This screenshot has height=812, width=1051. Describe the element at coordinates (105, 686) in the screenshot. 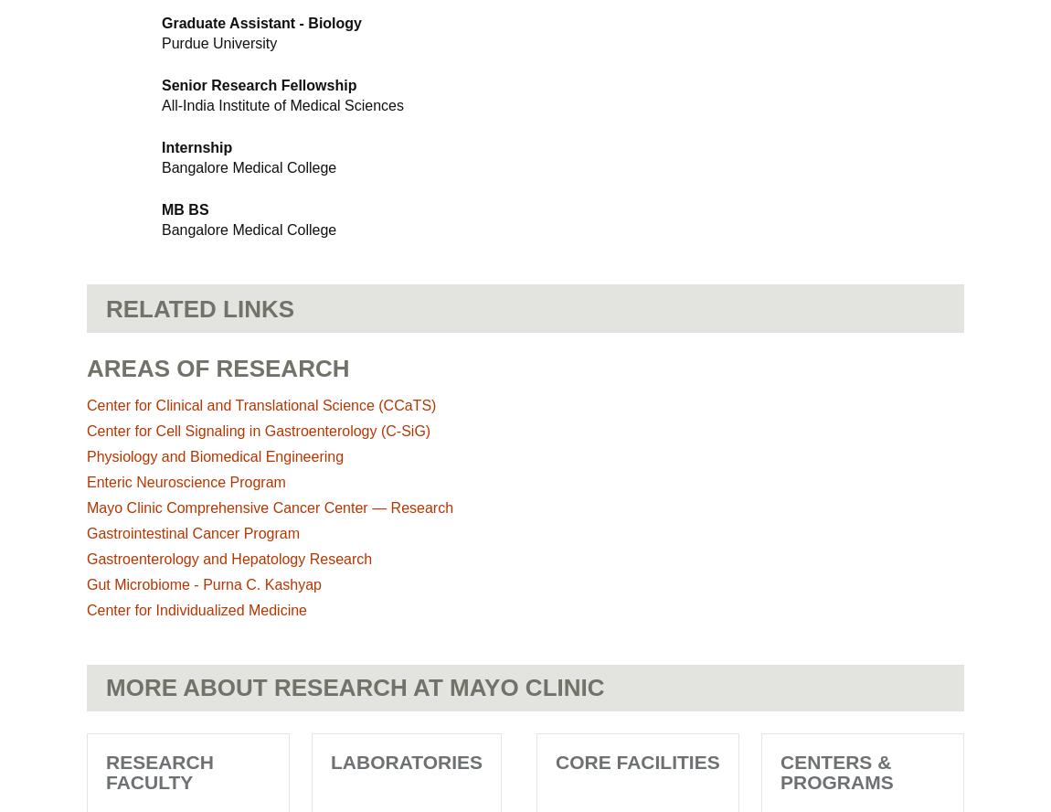

I see `'More about research at Mayo Clinic'` at that location.